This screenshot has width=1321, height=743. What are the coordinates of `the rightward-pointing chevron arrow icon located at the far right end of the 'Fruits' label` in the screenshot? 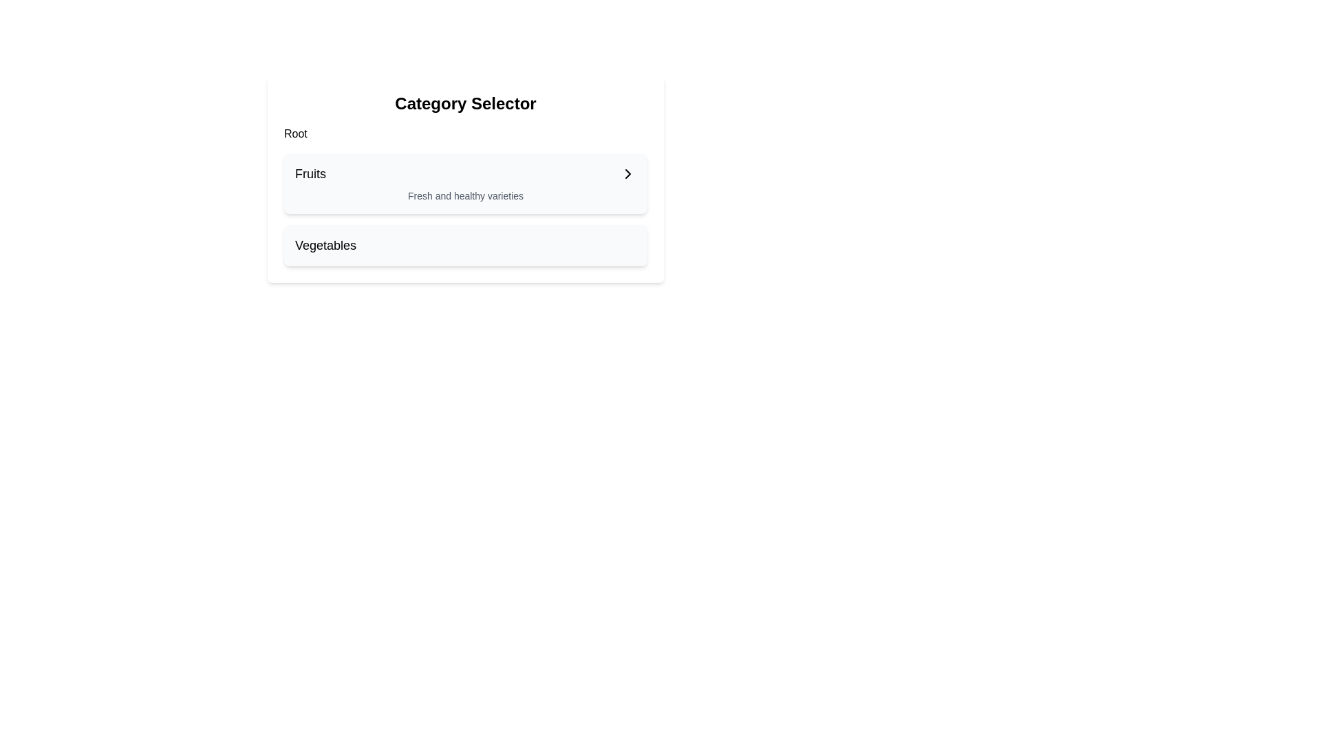 It's located at (627, 173).